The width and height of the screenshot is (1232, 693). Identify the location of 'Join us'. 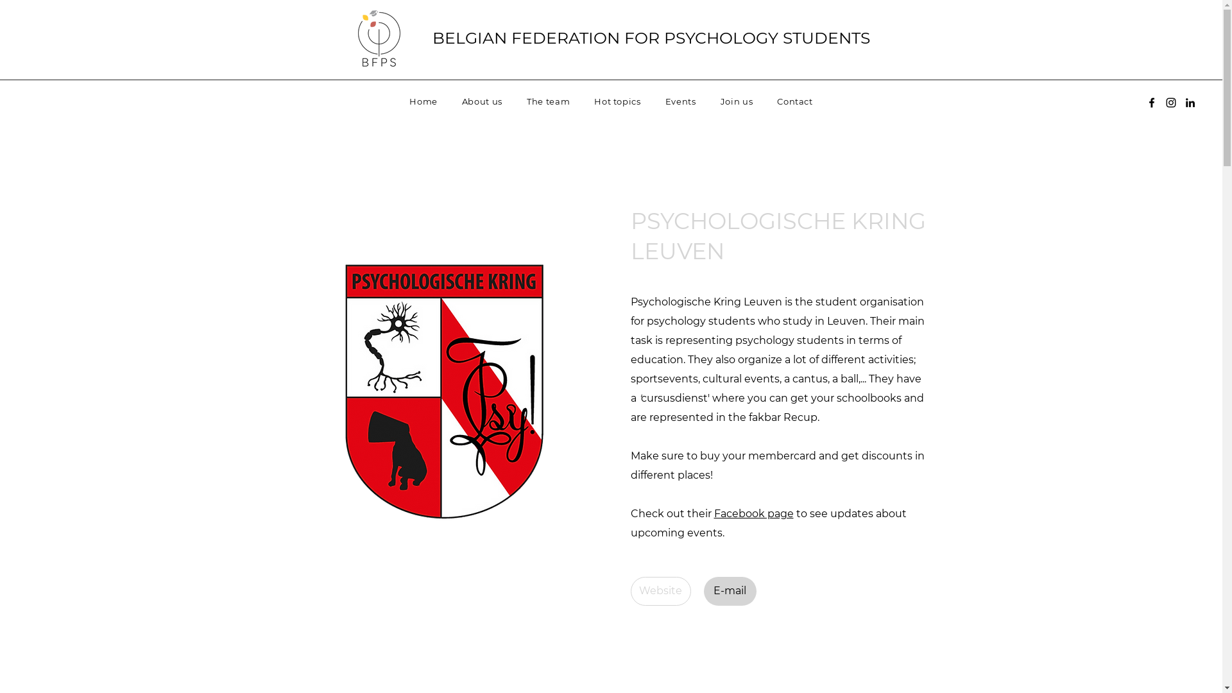
(737, 101).